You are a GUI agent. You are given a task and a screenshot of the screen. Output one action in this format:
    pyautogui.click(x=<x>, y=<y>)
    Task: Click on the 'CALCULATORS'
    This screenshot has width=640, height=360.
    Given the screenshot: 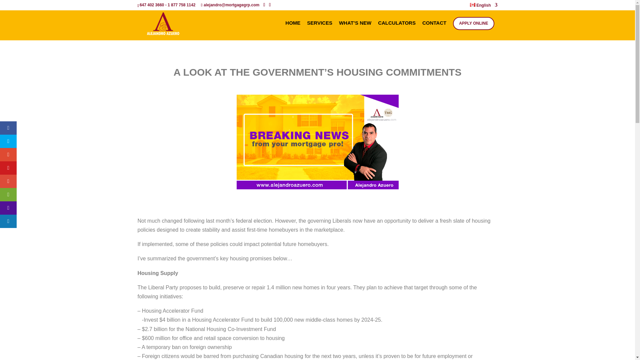 What is the action you would take?
    pyautogui.click(x=397, y=30)
    